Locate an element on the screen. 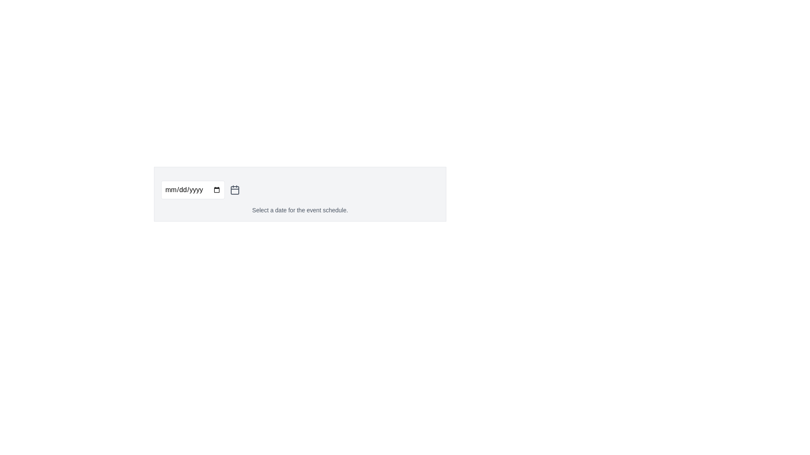 The width and height of the screenshot is (810, 455). the date input field of the composite element that includes a calendar icon and a descriptive label to type a date is located at coordinates (300, 194).